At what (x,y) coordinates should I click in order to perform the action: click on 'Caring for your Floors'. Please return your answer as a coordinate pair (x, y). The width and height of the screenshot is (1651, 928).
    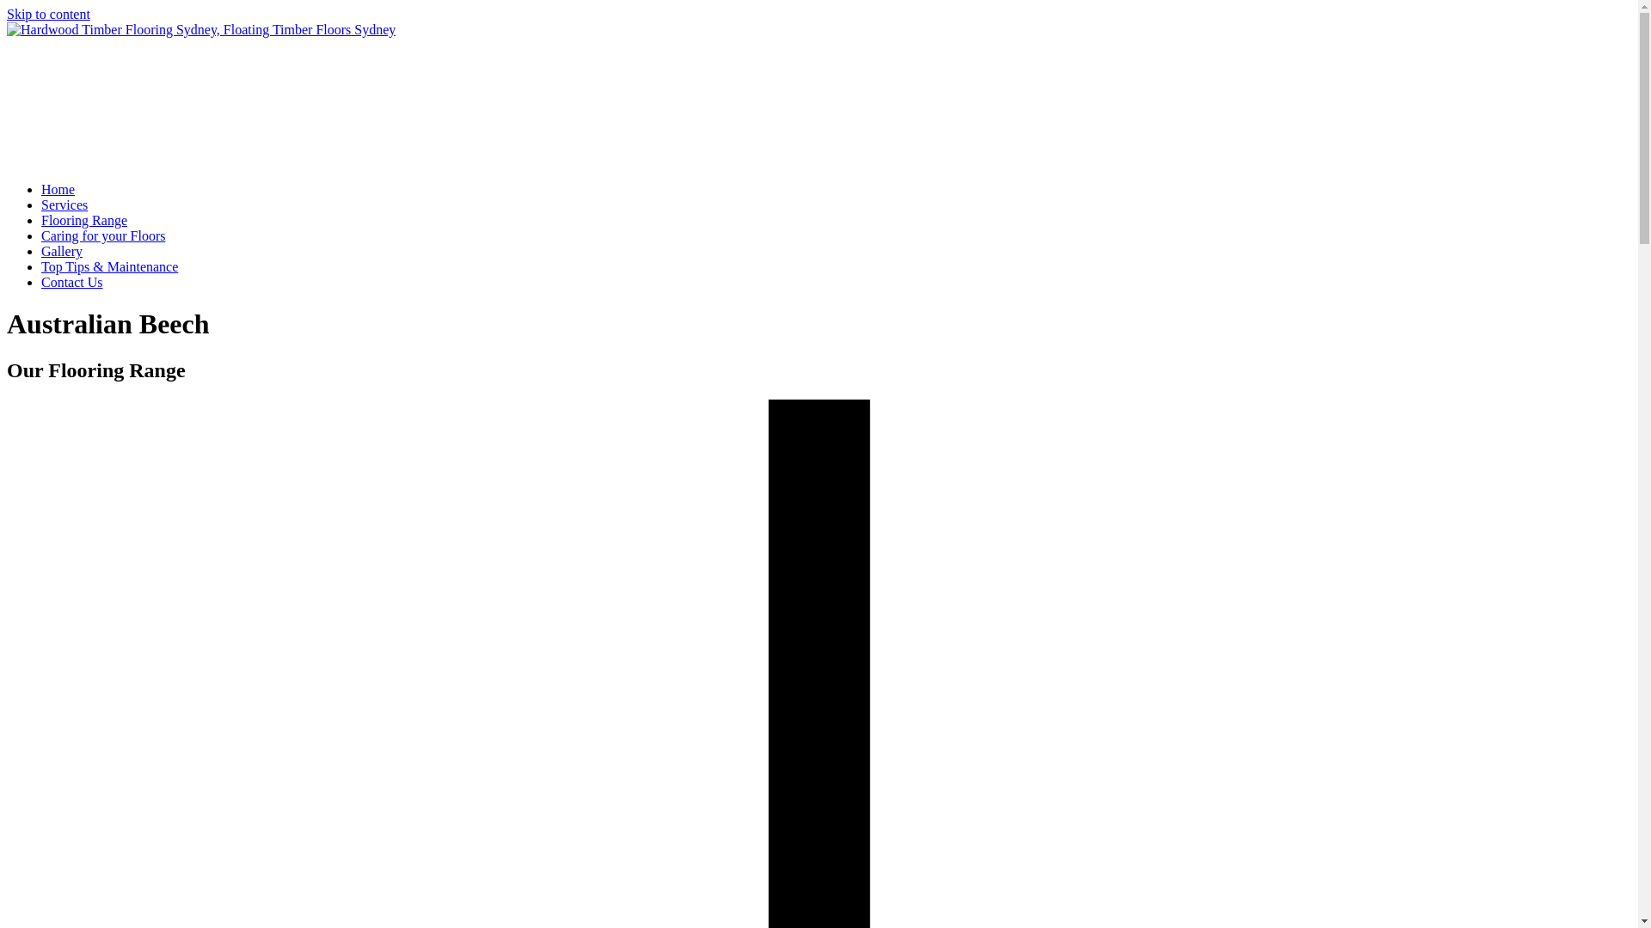
    Looking at the image, I should click on (102, 235).